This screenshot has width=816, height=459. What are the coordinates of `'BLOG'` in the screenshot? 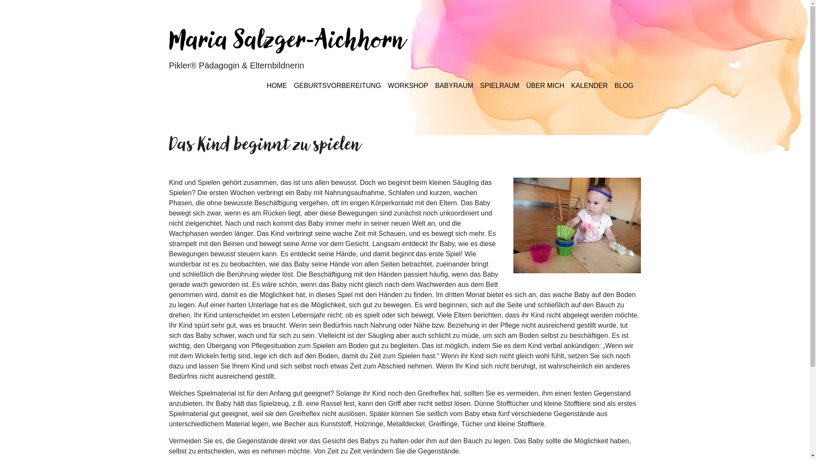 It's located at (624, 85).